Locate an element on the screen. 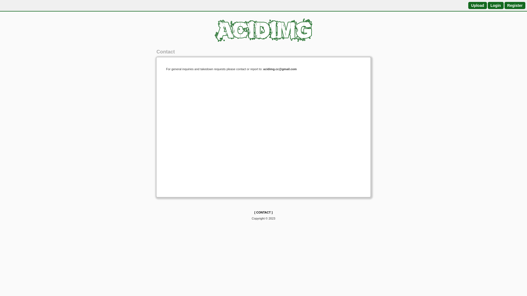 The image size is (527, 296). '[ CONTACT ]' is located at coordinates (254, 212).